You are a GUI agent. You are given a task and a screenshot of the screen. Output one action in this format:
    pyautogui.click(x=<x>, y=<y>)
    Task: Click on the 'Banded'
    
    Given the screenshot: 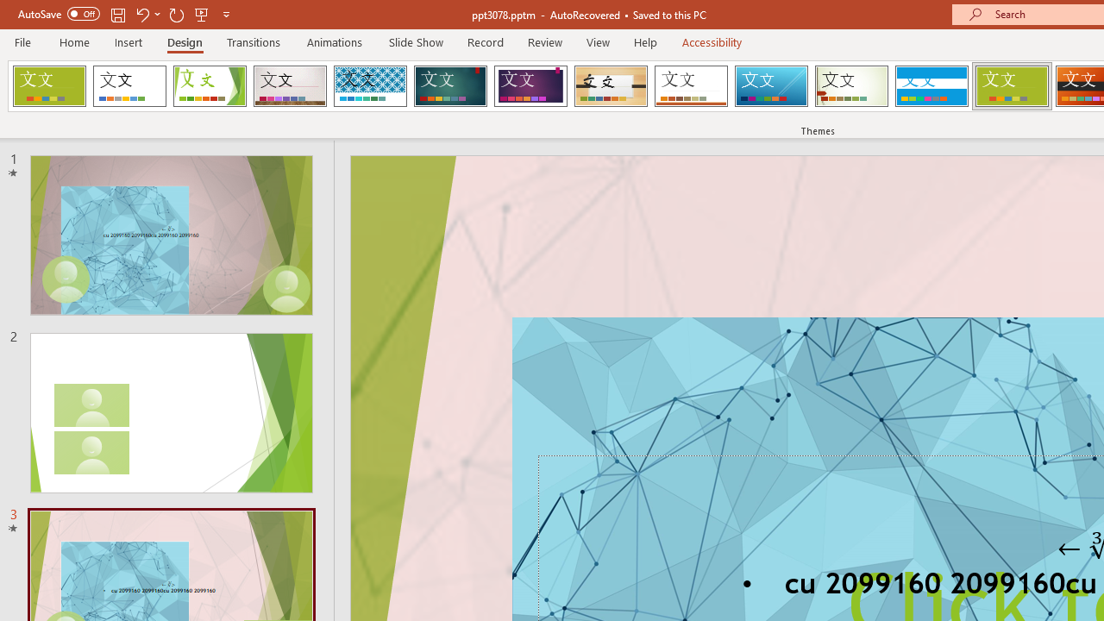 What is the action you would take?
    pyautogui.click(x=931, y=86)
    